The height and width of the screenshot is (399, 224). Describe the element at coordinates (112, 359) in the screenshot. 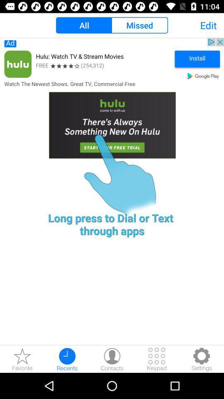

I see `contact button` at that location.